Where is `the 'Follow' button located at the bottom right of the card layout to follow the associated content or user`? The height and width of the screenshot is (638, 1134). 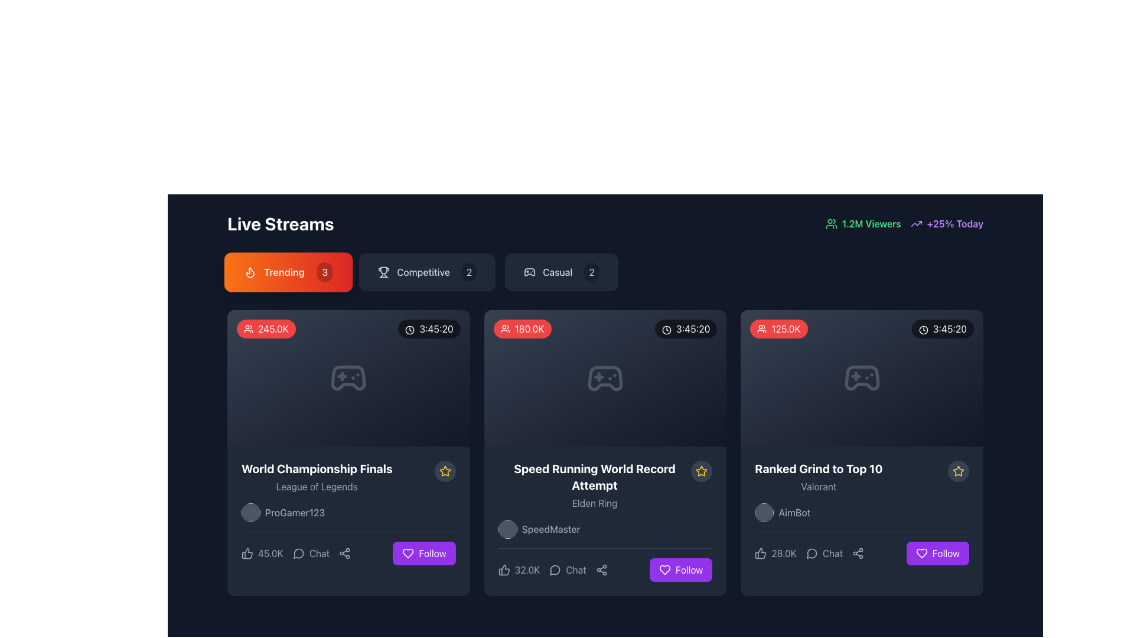
the 'Follow' button located at the bottom right of the card layout to follow the associated content or user is located at coordinates (432, 554).